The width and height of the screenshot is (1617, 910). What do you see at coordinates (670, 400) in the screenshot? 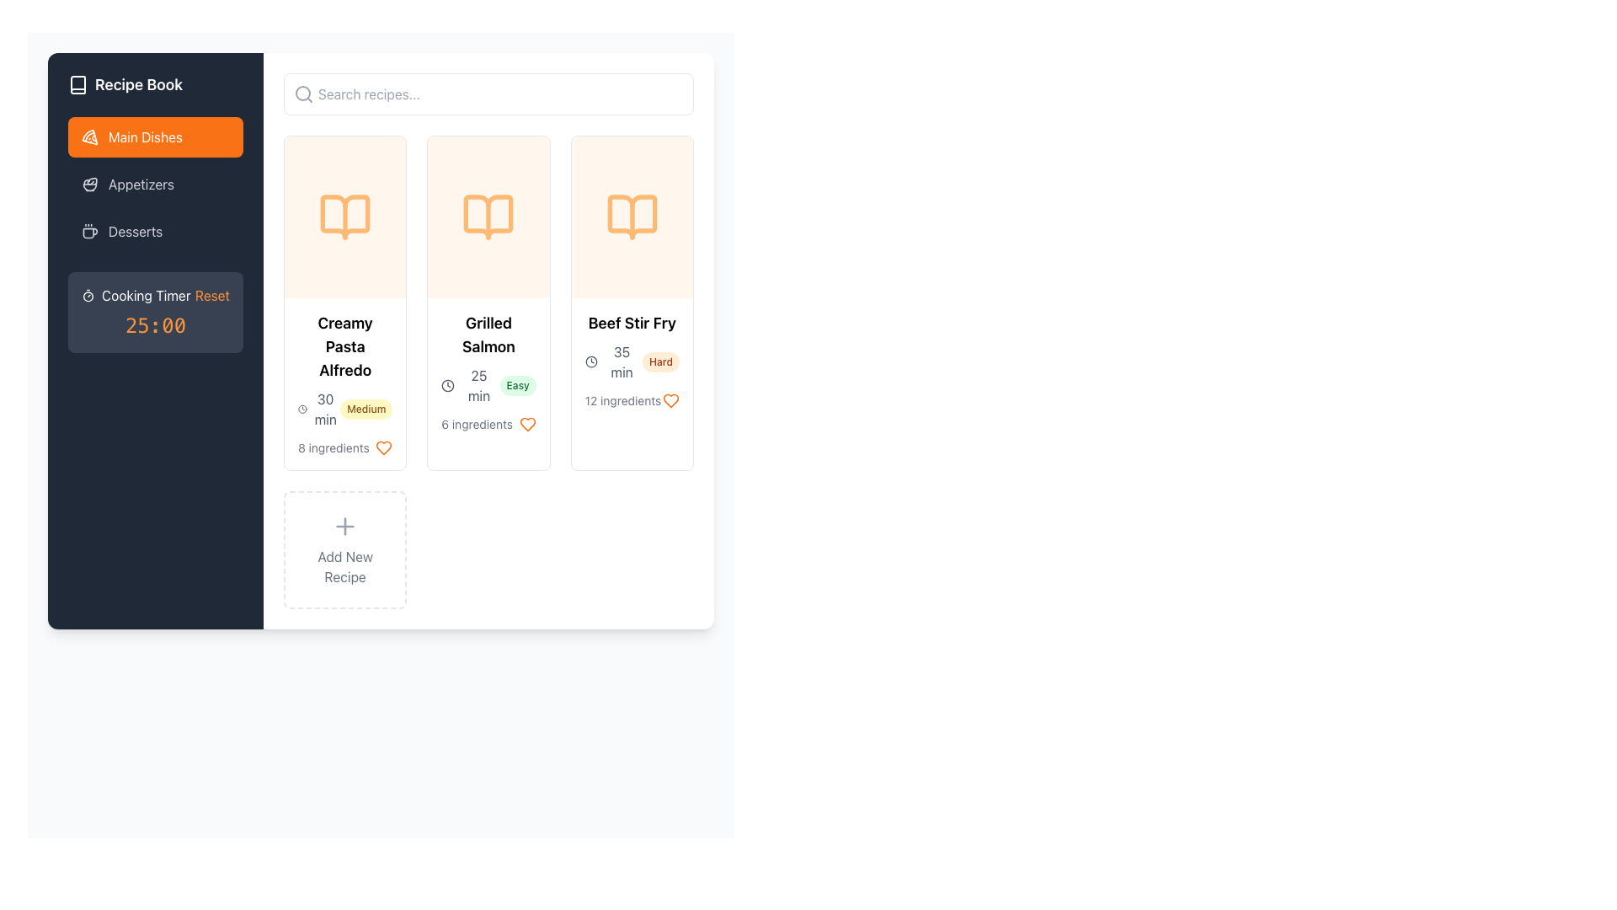
I see `the orange heart icon located in the bottom-right section of the 'Beef Stir Fry' recipe card to favorite the recipe` at bounding box center [670, 400].